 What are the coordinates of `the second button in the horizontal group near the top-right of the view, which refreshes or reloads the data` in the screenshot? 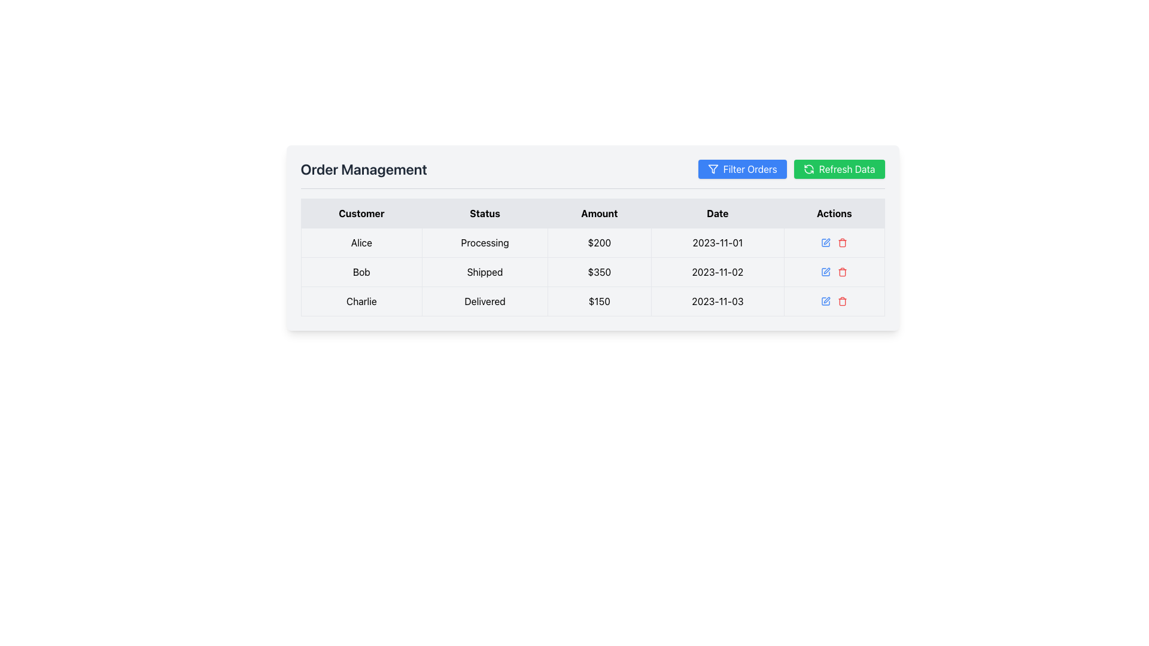 It's located at (838, 169).